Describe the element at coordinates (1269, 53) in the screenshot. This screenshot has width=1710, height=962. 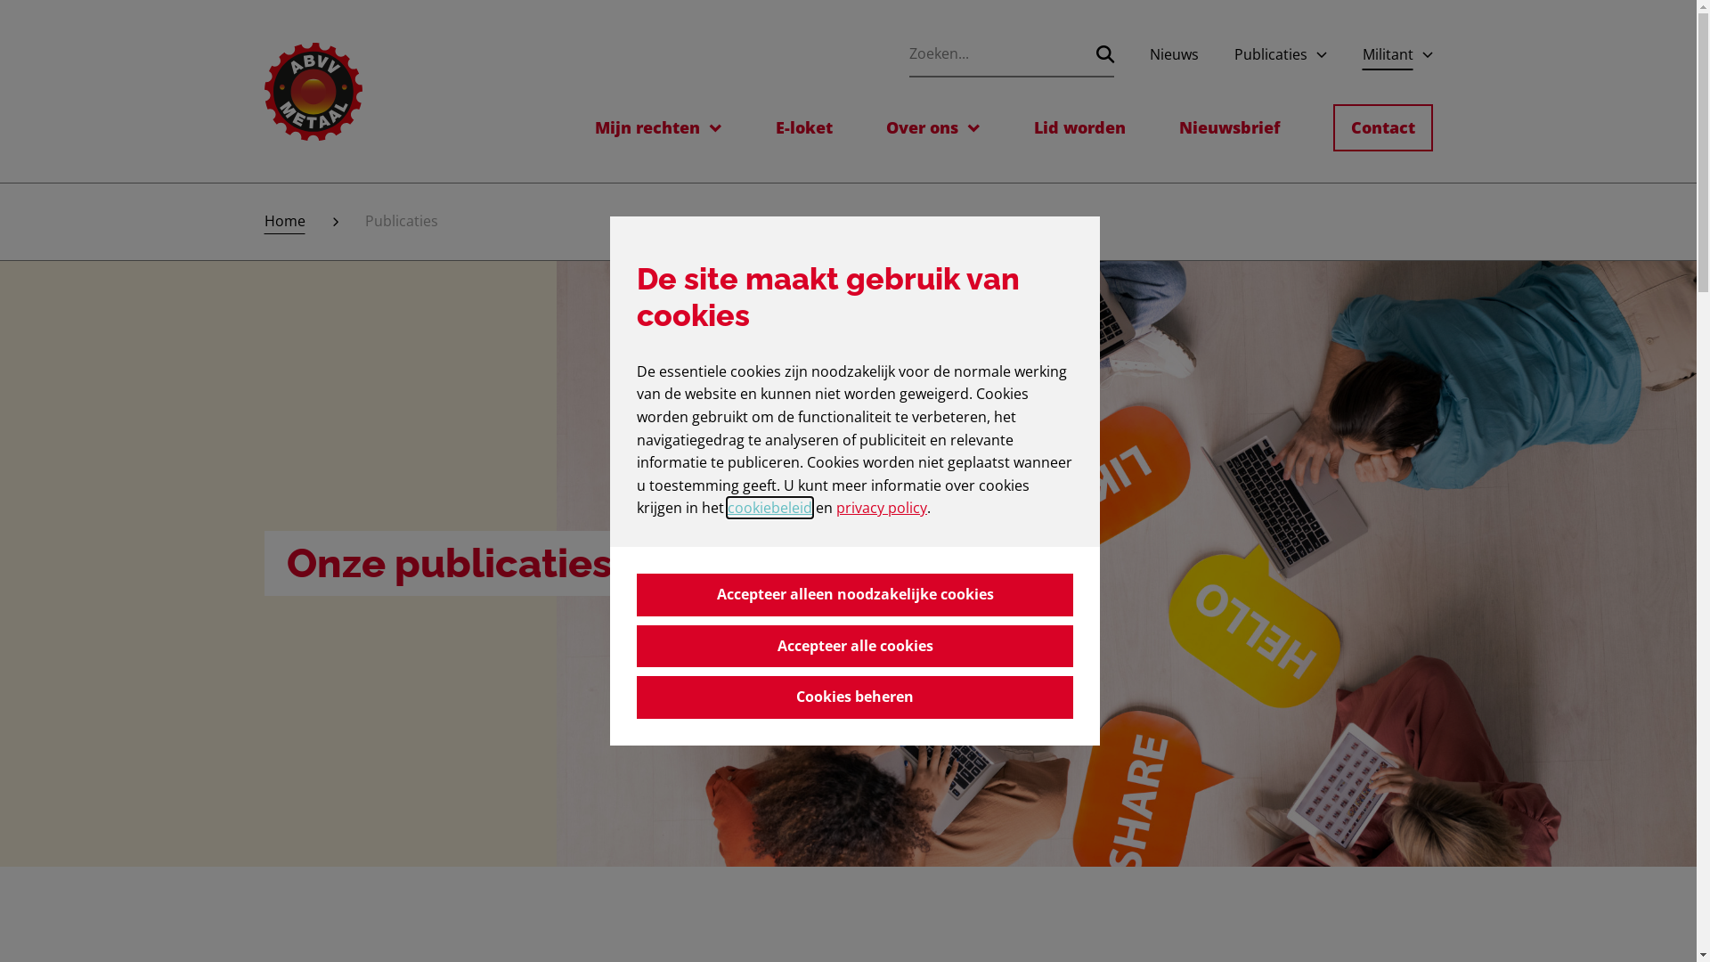
I see `'Publicaties'` at that location.